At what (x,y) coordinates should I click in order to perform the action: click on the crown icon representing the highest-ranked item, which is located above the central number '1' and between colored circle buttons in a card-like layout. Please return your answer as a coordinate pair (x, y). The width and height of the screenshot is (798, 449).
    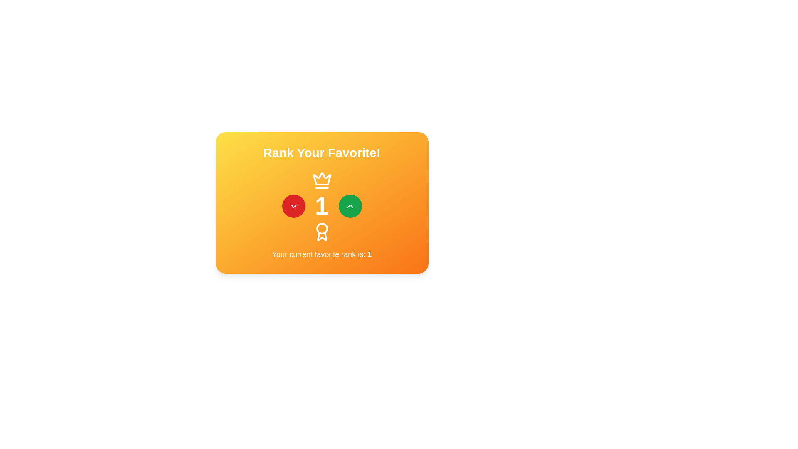
    Looking at the image, I should click on (321, 180).